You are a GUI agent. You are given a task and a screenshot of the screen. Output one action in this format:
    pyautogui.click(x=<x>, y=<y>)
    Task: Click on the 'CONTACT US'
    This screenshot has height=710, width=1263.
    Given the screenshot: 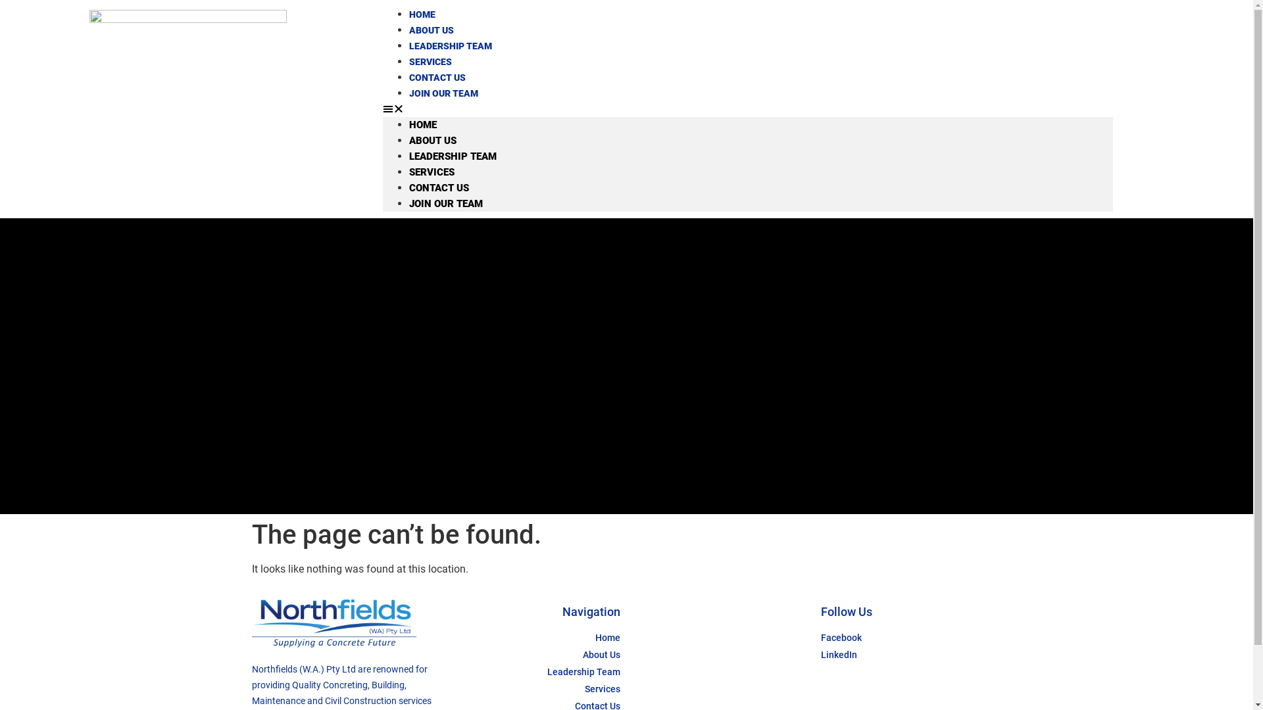 What is the action you would take?
    pyautogui.click(x=439, y=187)
    